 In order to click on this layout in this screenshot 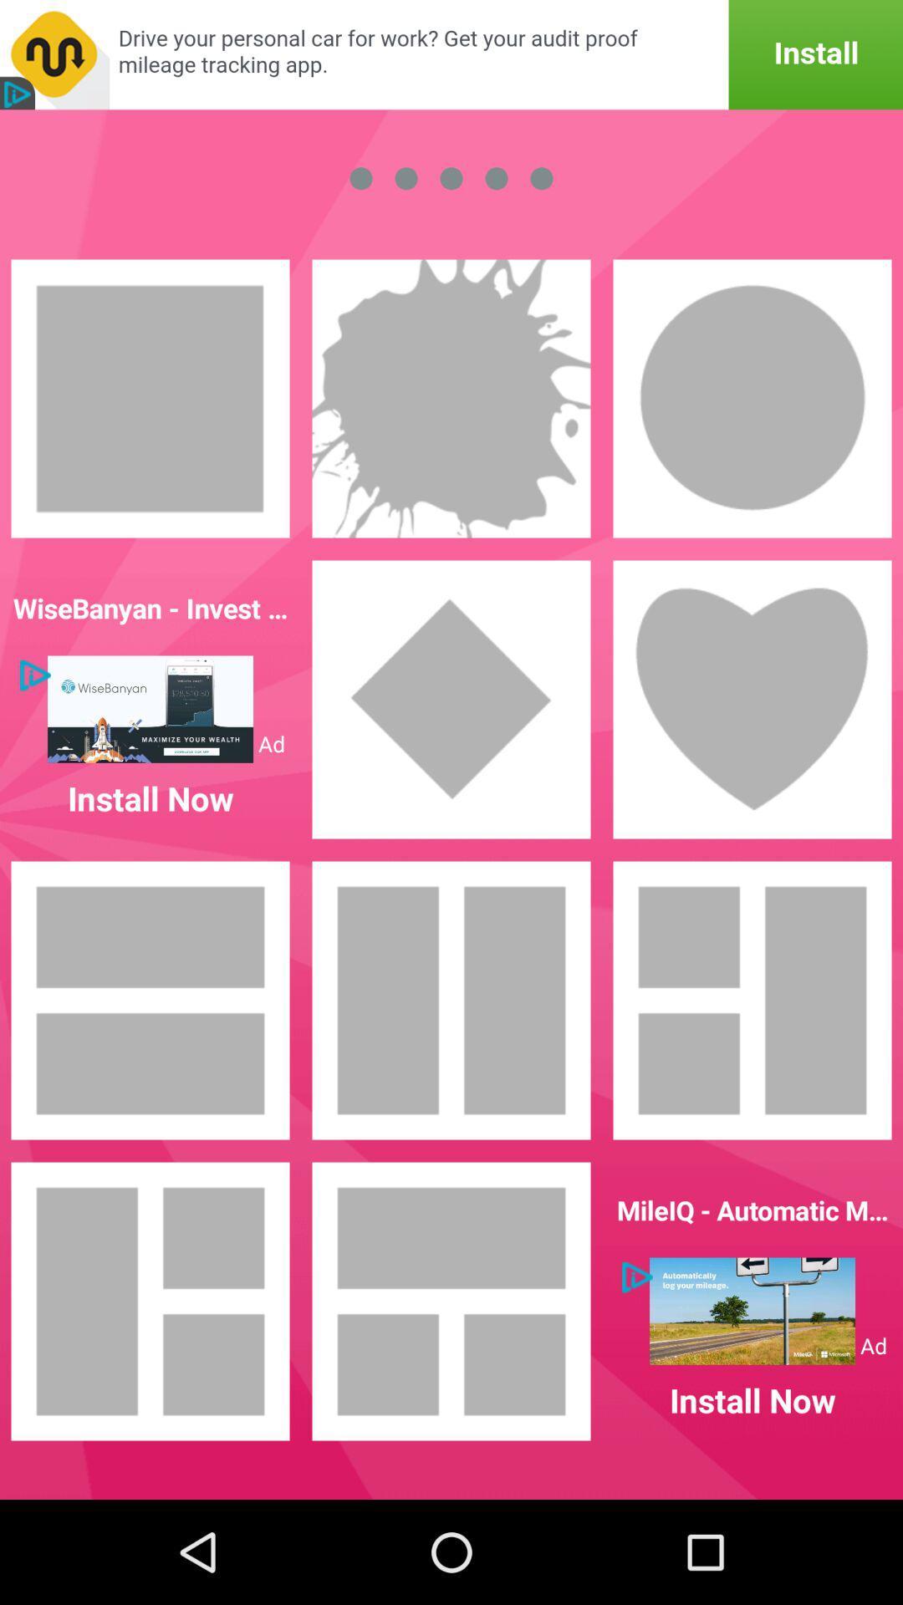, I will do `click(150, 1300)`.